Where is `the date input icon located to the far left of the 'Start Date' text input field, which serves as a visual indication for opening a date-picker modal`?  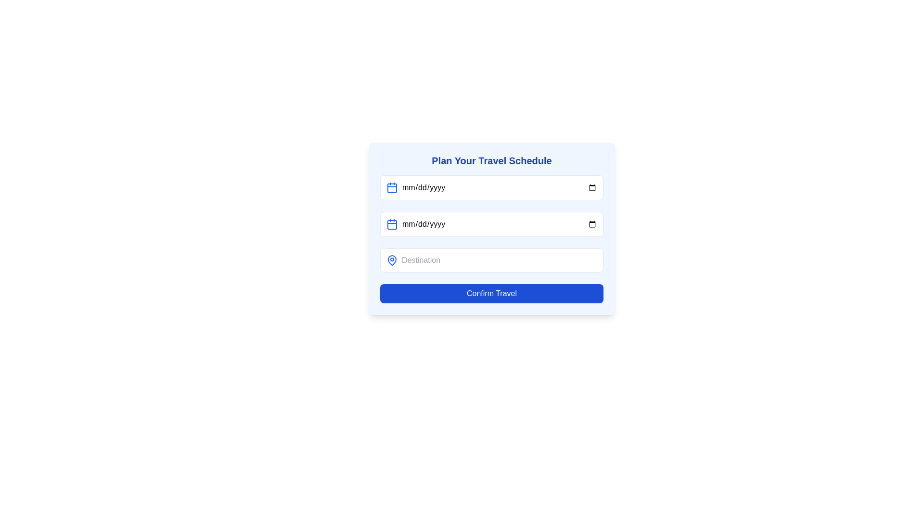
the date input icon located to the far left of the 'Start Date' text input field, which serves as a visual indication for opening a date-picker modal is located at coordinates (392, 187).